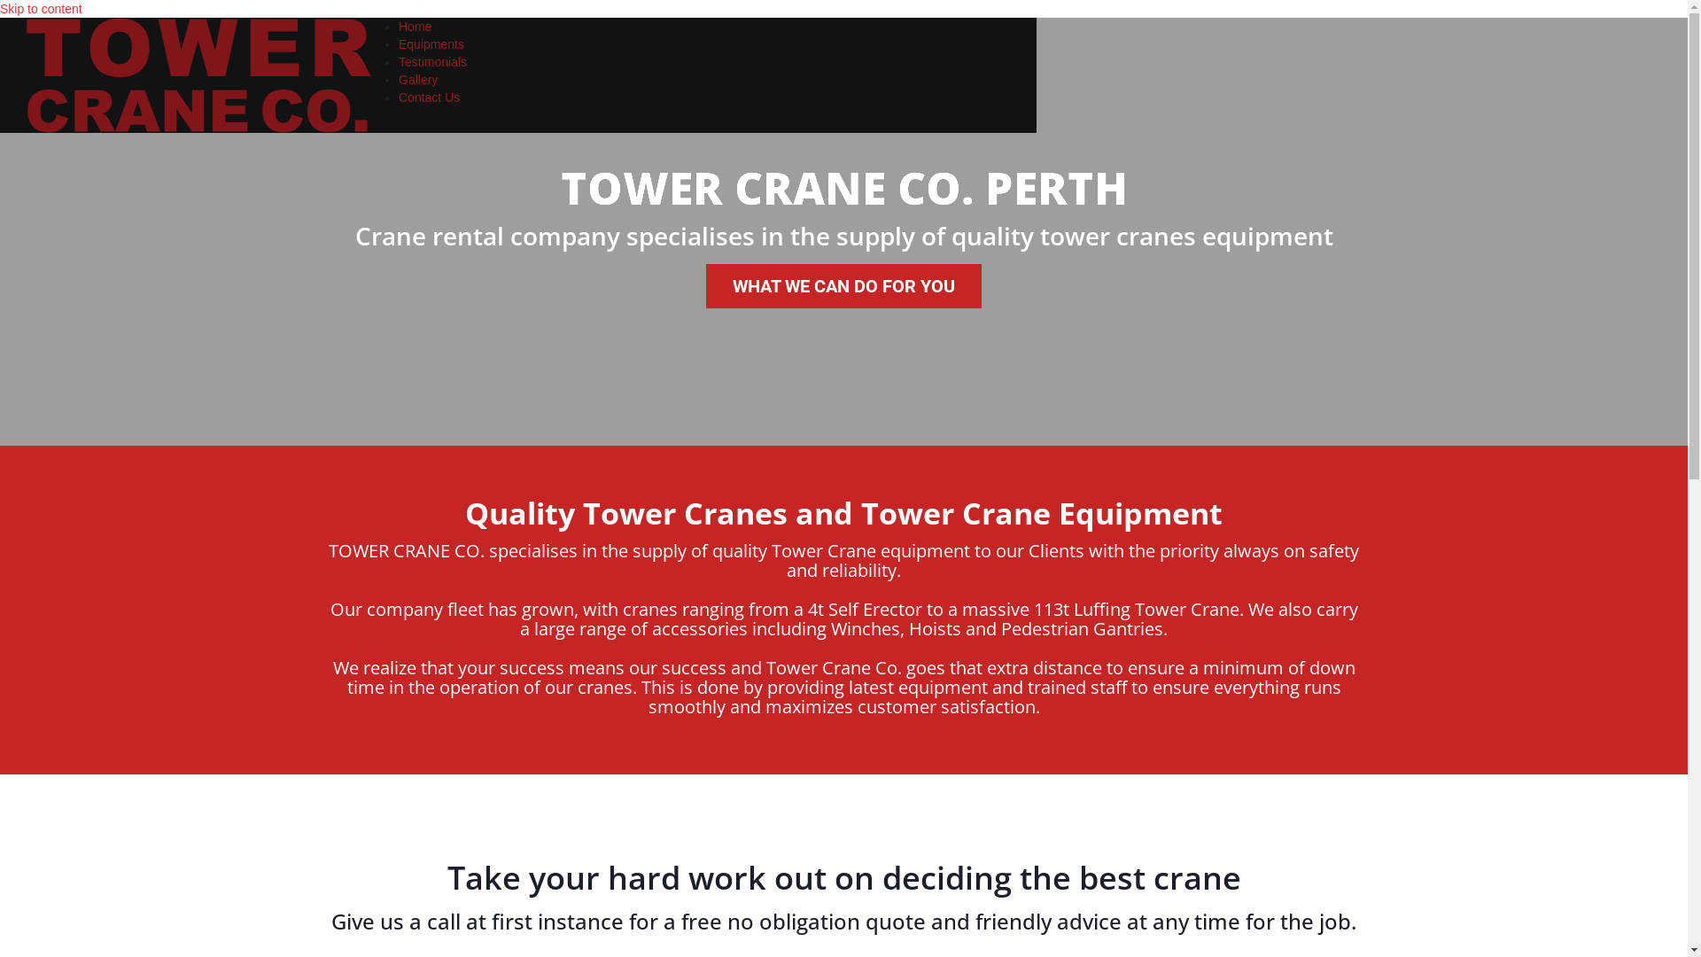  Describe the element at coordinates (704, 285) in the screenshot. I see `'WHAT WE CAN DO FOR YOU'` at that location.